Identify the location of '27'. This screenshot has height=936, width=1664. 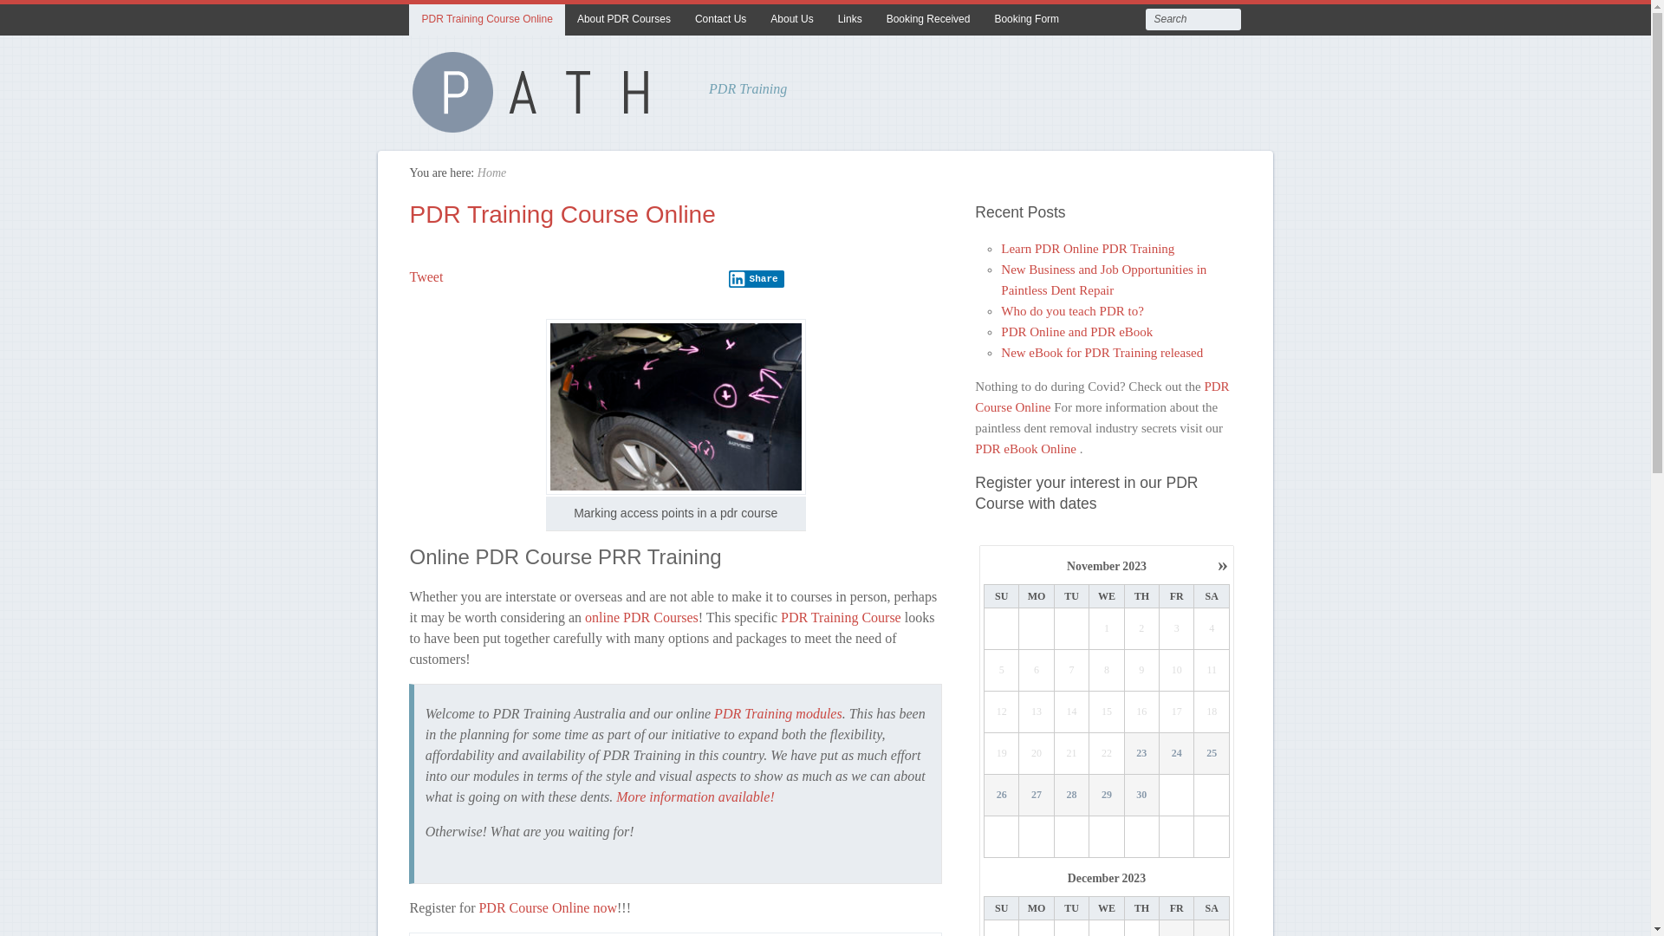
(1019, 795).